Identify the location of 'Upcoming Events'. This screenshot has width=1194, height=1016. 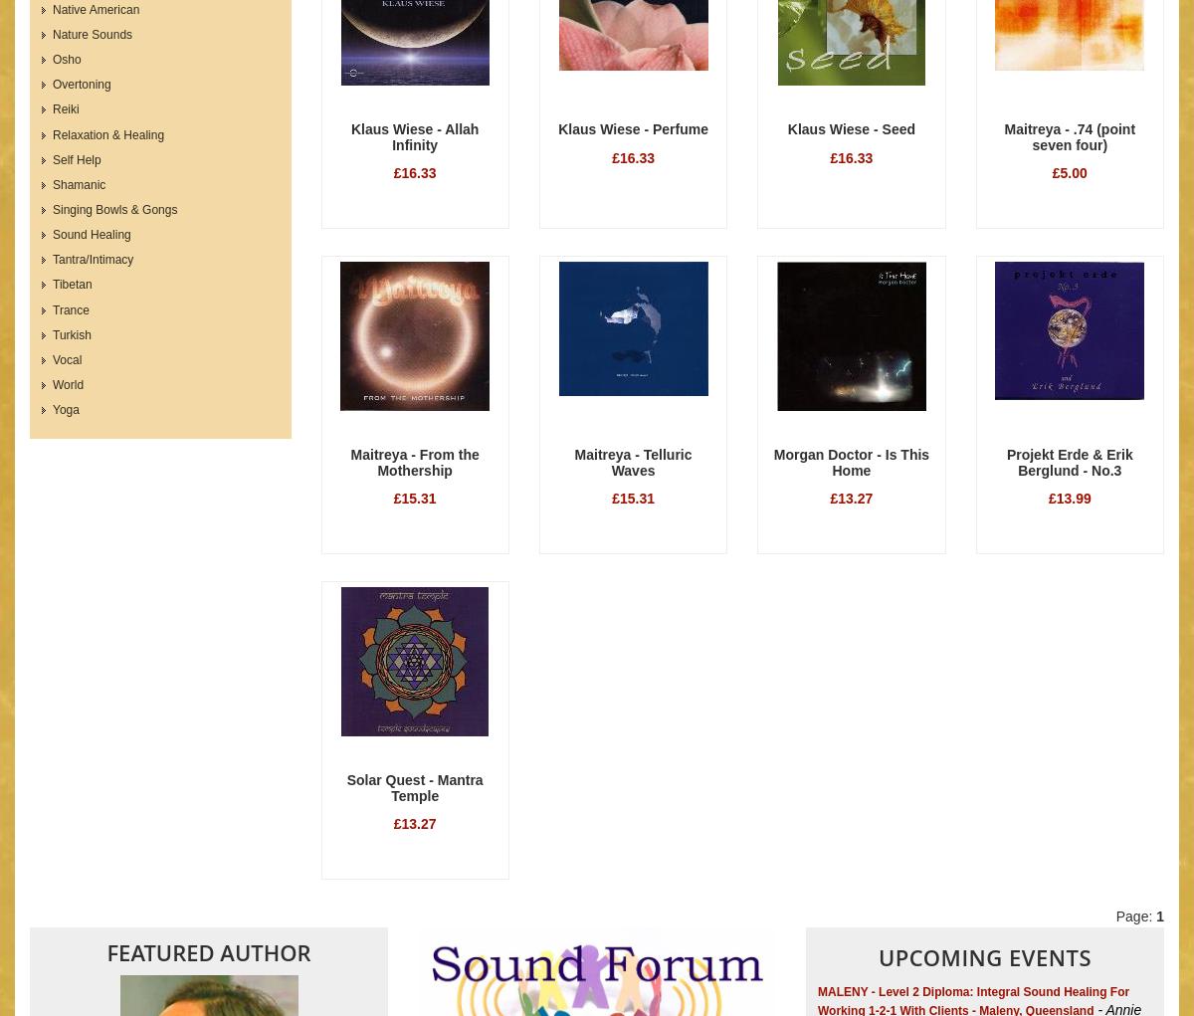
(984, 955).